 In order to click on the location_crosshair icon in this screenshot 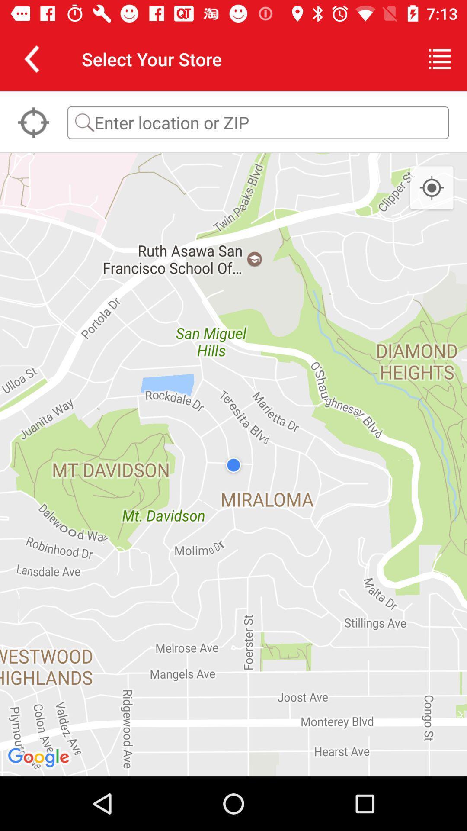, I will do `click(432, 188)`.